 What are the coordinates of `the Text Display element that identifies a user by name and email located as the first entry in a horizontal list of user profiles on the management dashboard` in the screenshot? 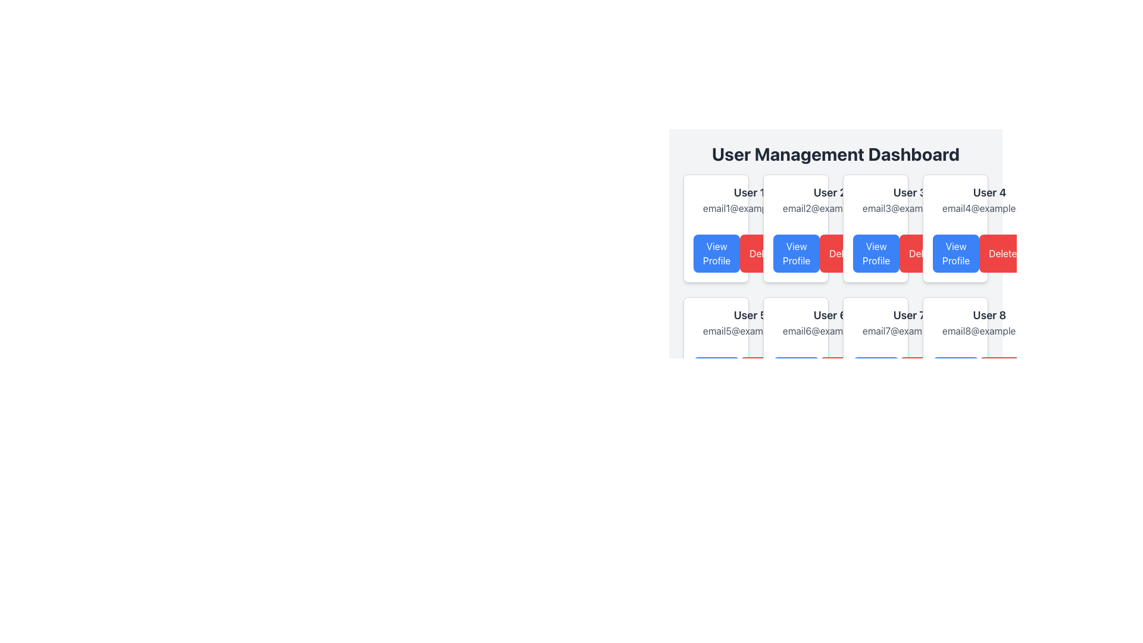 It's located at (748, 199).